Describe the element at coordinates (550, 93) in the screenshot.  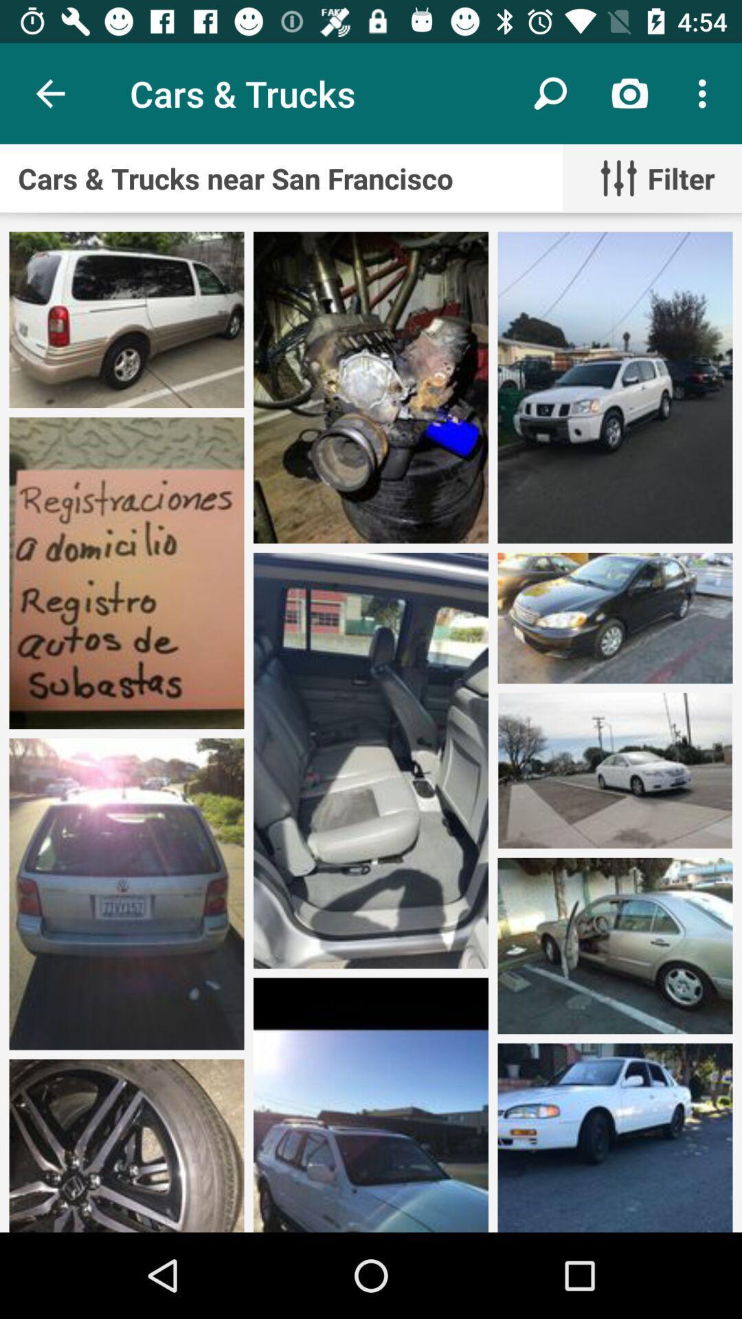
I see `item above the cars trucks near icon` at that location.